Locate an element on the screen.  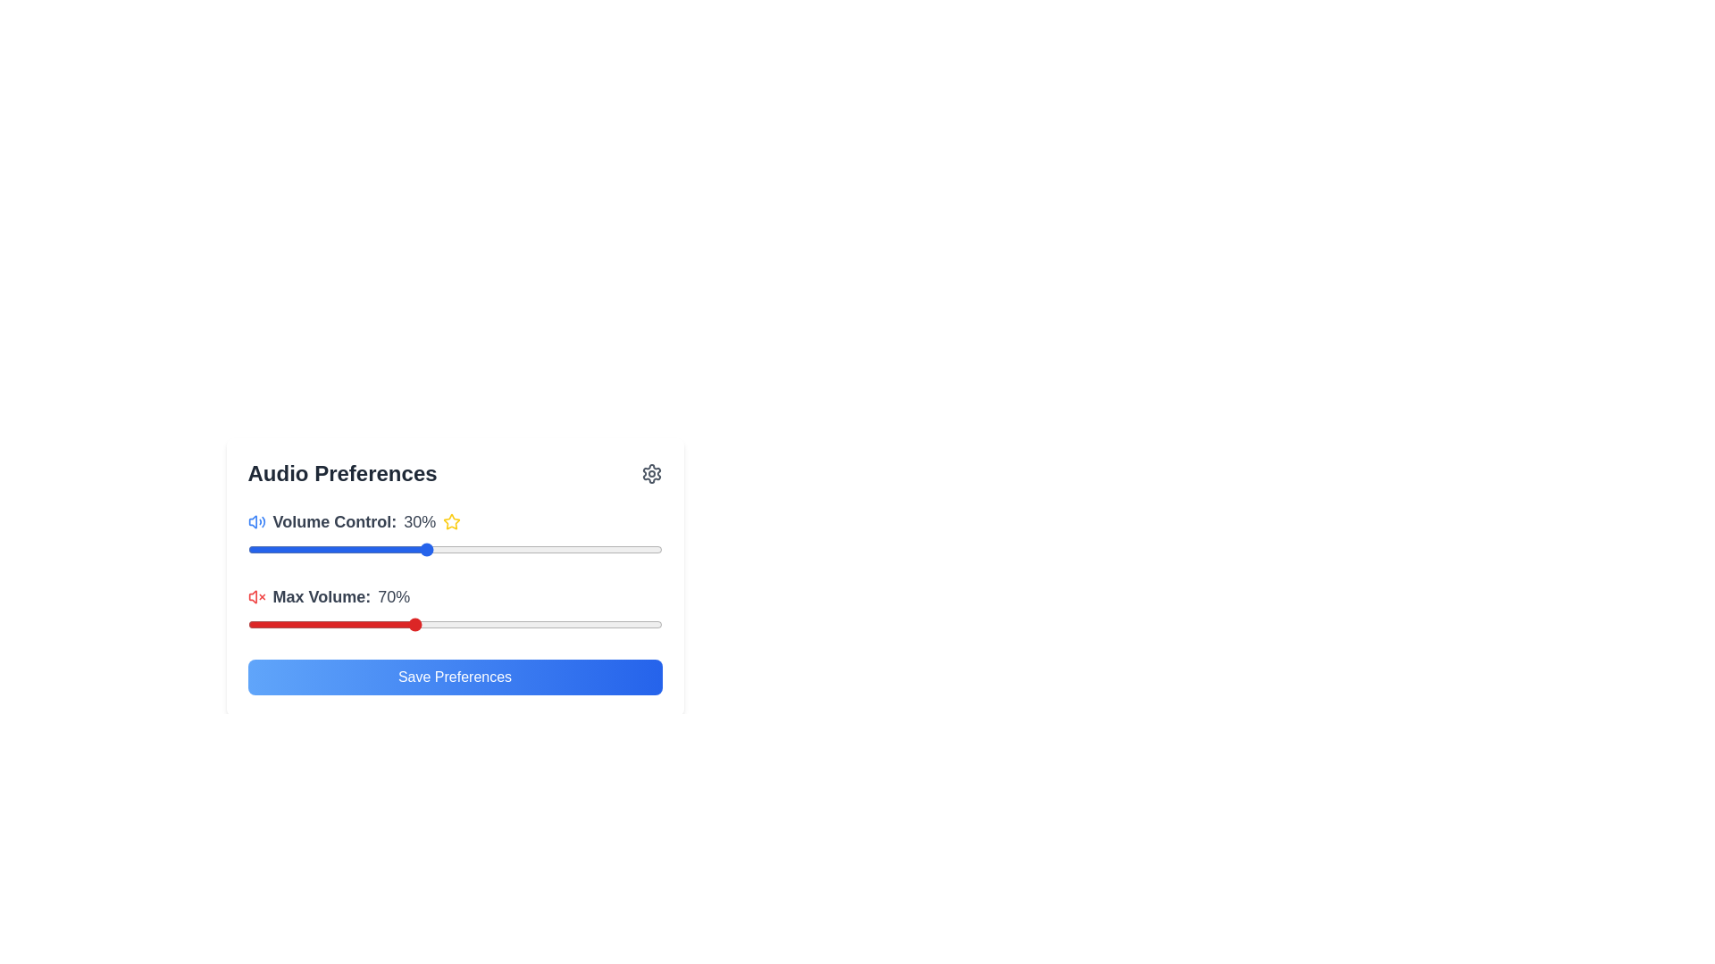
the graphical icon resembling a star, used for rating or highlighting, located to the right of the 'Volume Control: 30%' text near the 'Max Volume' slider is located at coordinates (452, 521).